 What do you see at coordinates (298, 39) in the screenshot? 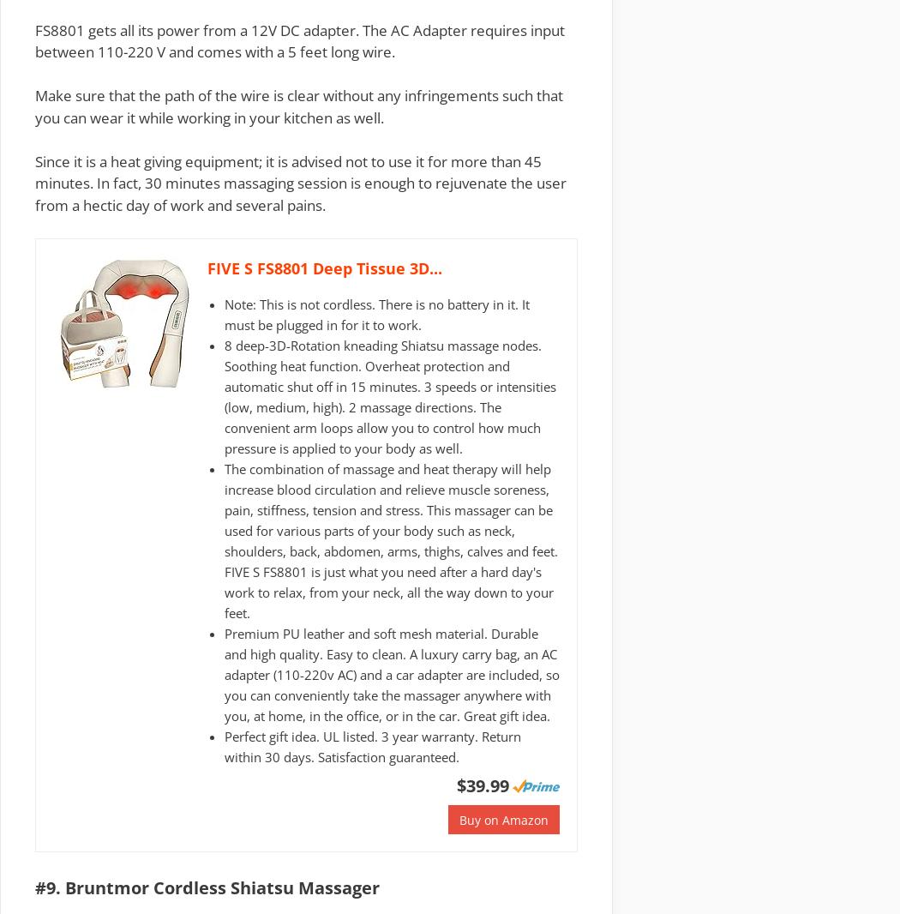
I see `'FS8801 gets all its power from a 12V DC adapter. The AC Adapter requires input between 110-220 V and comes with a 5 feet long wire.'` at bounding box center [298, 39].